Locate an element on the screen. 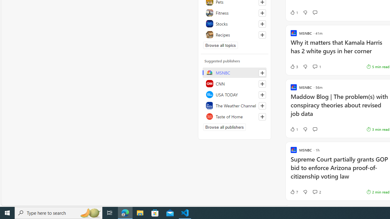  'Browse all publishers' is located at coordinates (224, 127).